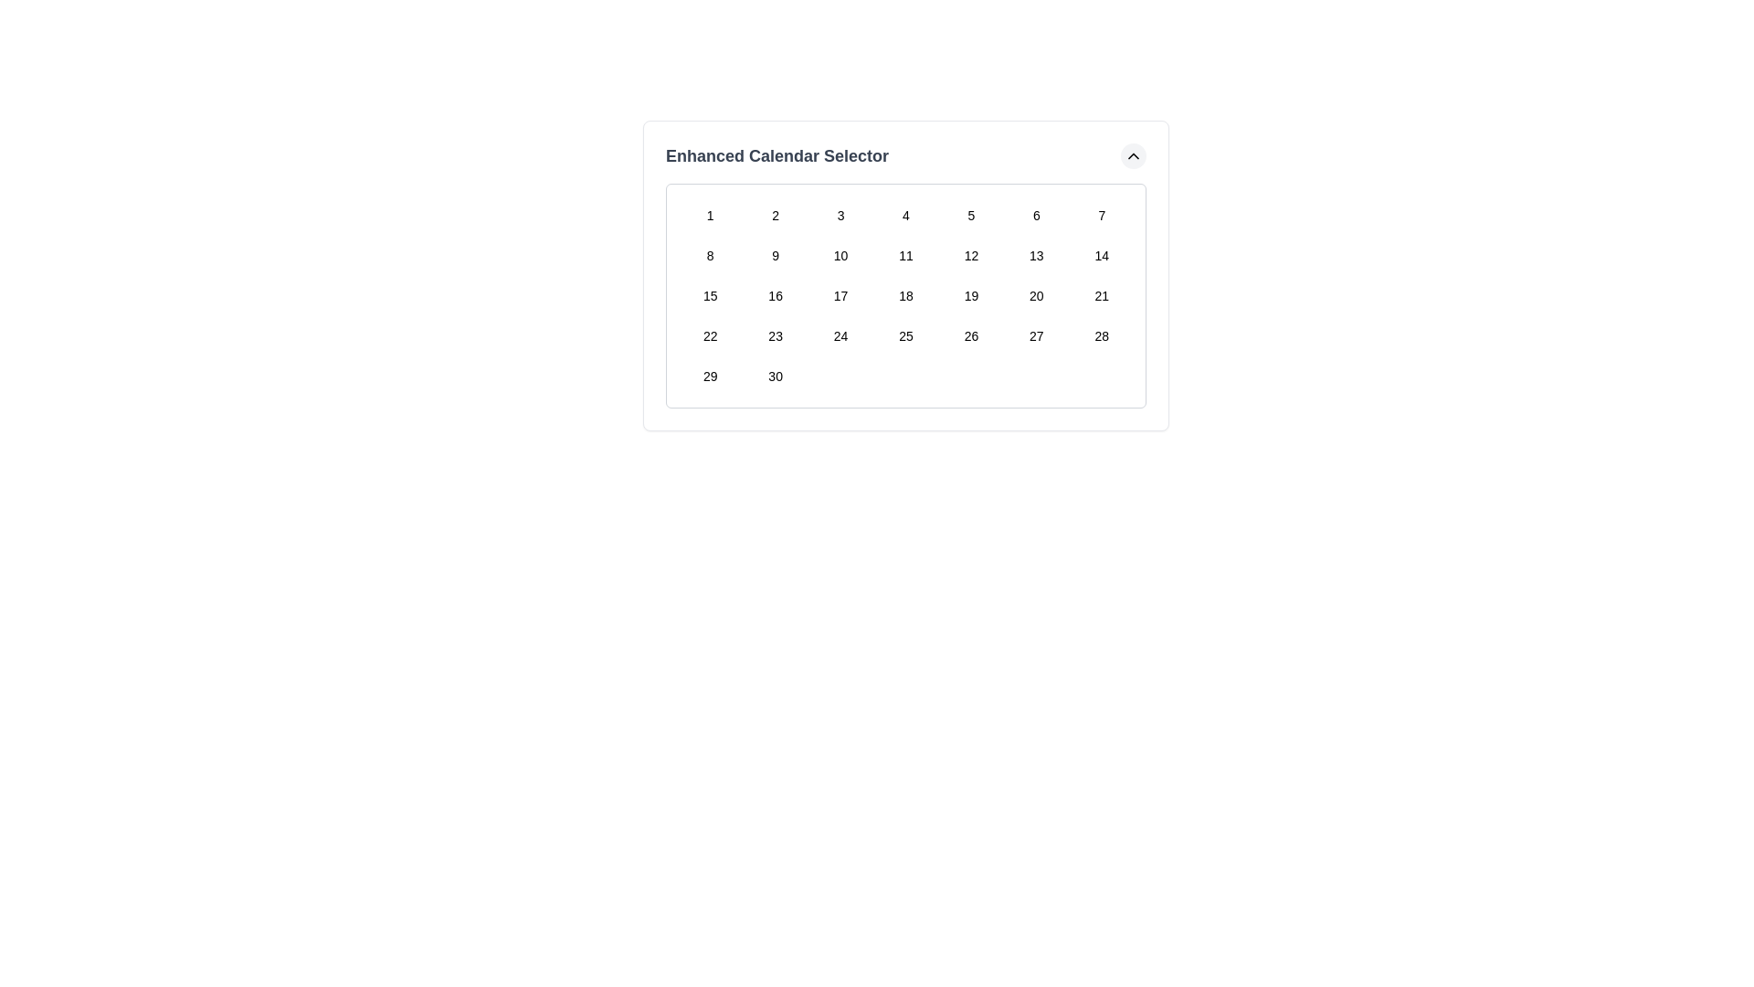 This screenshot has height=987, width=1754. What do you see at coordinates (1133, 154) in the screenshot?
I see `the small upward-pointing chevron icon located in the top-right corner of the calendar interface` at bounding box center [1133, 154].